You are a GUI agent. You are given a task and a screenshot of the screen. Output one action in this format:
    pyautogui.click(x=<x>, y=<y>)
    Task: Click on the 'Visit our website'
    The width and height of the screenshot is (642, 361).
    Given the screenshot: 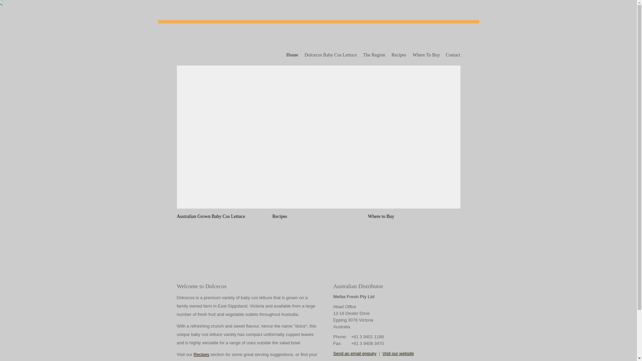 What is the action you would take?
    pyautogui.click(x=398, y=353)
    